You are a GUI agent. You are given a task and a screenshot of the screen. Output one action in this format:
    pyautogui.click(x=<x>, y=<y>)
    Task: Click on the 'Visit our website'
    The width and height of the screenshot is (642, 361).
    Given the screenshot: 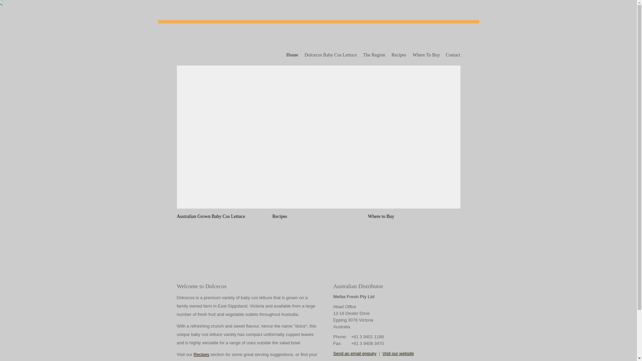 What is the action you would take?
    pyautogui.click(x=398, y=353)
    